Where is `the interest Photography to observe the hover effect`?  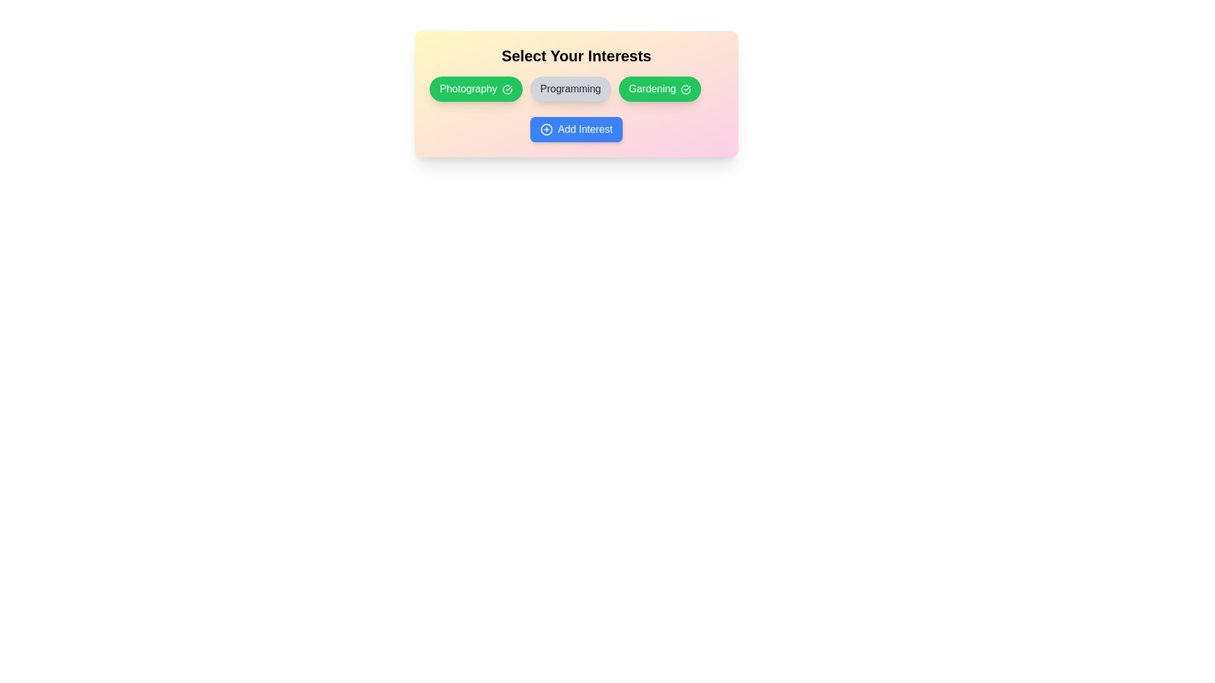 the interest Photography to observe the hover effect is located at coordinates (475, 89).